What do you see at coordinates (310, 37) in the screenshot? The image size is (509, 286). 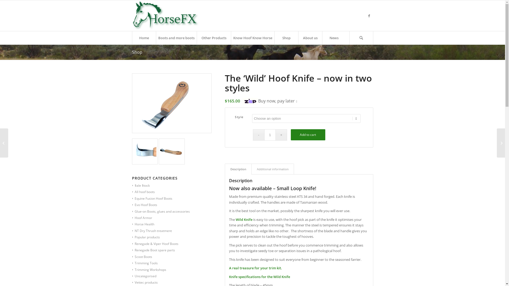 I see `'About us'` at bounding box center [310, 37].